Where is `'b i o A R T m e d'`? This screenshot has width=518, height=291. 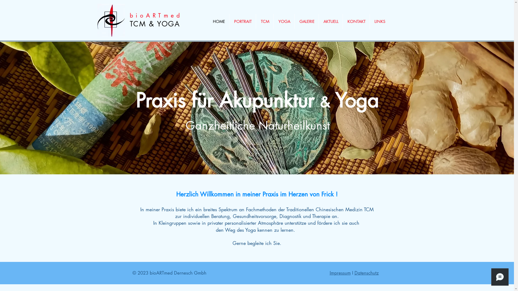
'b i o A R T m e d' is located at coordinates (155, 15).